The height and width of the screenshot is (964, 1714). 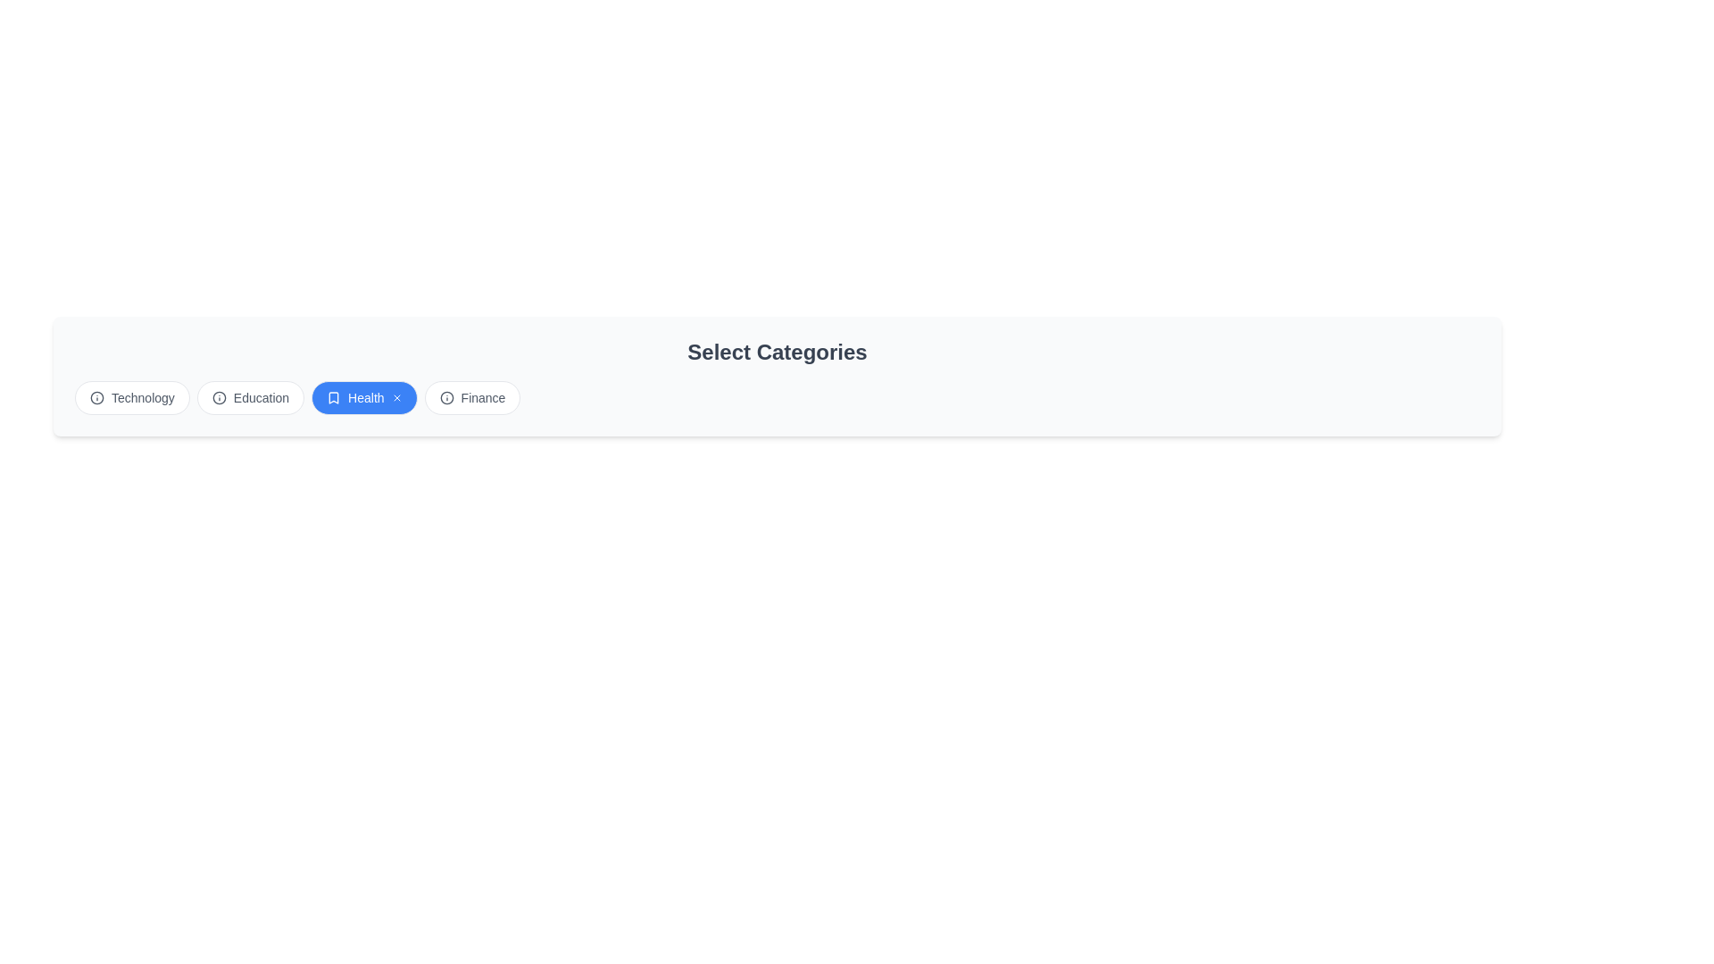 I want to click on the chip labeled 'Technology' to observe its hover state, so click(x=131, y=397).